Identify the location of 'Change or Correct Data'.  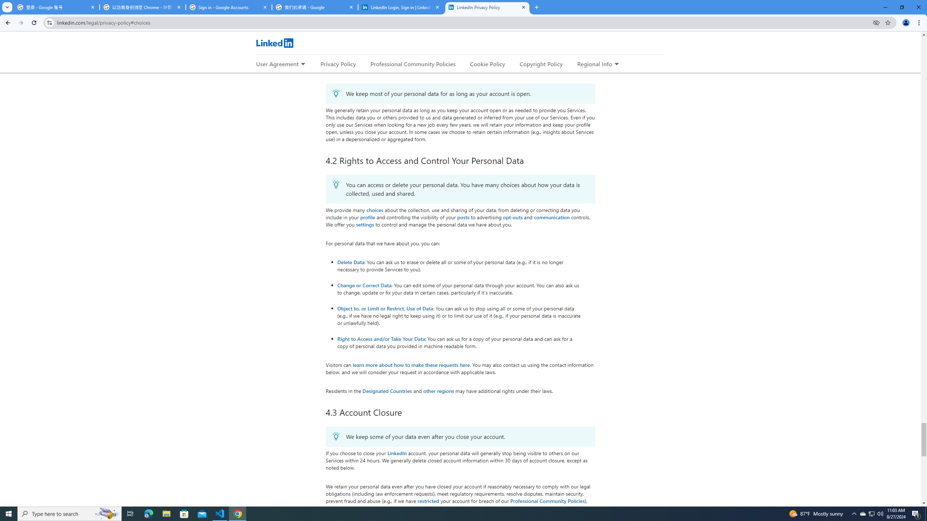
(364, 284).